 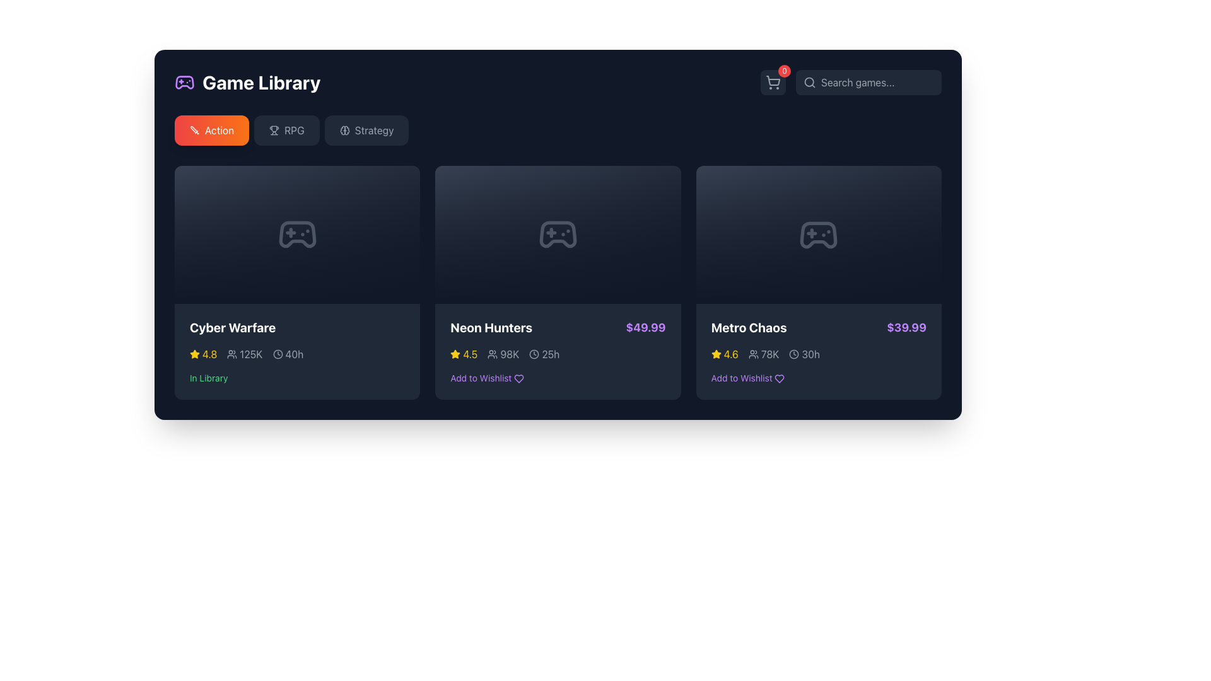 What do you see at coordinates (245, 354) in the screenshot?
I see `the Text label displaying '125K' styled in gray, which indicates user statistics and is located between the yellow star icon with the rating score '4.8' and the clock icon with the text '40h'` at bounding box center [245, 354].